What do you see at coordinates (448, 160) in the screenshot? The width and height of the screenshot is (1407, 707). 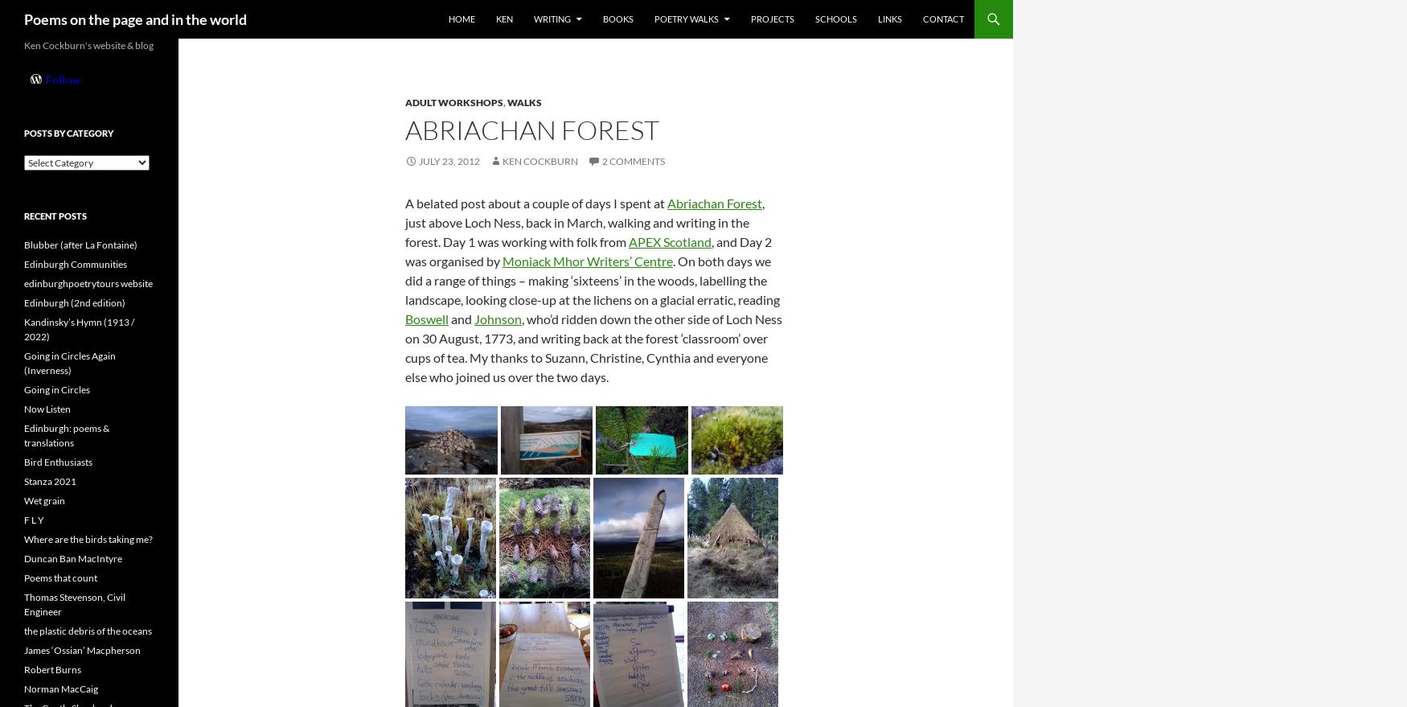 I see `'July 23, 2012'` at bounding box center [448, 160].